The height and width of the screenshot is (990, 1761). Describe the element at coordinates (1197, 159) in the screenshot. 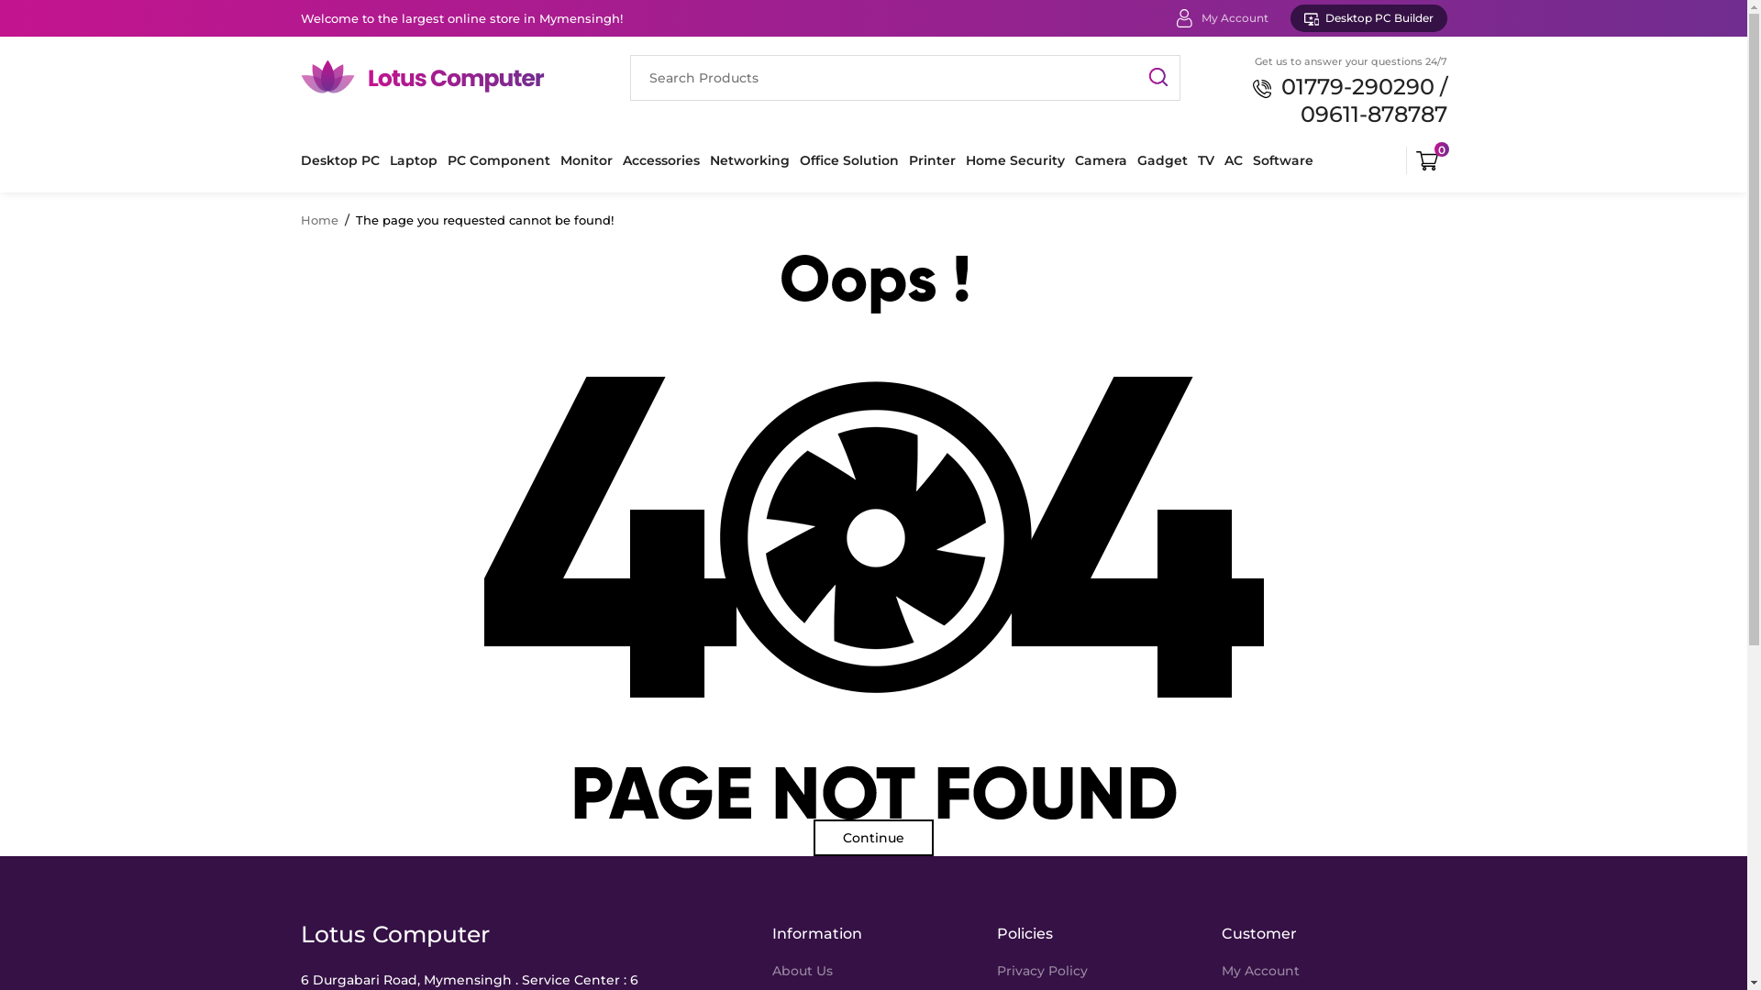

I see `'TV'` at that location.